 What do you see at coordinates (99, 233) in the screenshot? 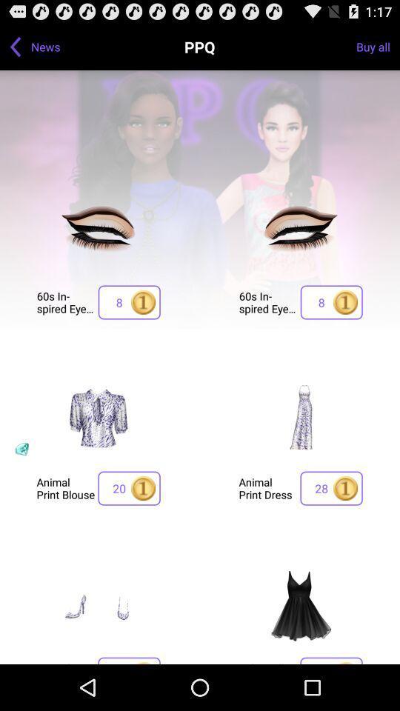
I see `the left eye image` at bounding box center [99, 233].